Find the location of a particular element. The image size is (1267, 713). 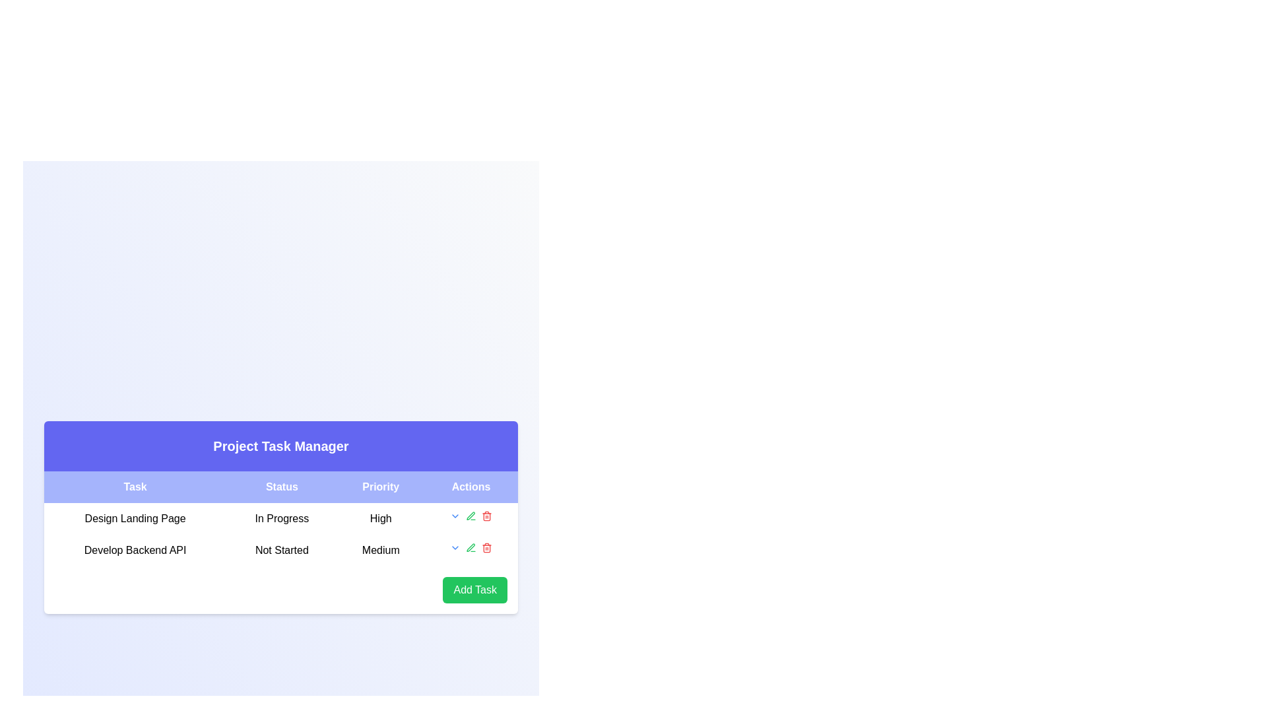

the text label indicating the status of the task 'Develop Backend API' in the 'Status' column of the second row is located at coordinates (281, 550).